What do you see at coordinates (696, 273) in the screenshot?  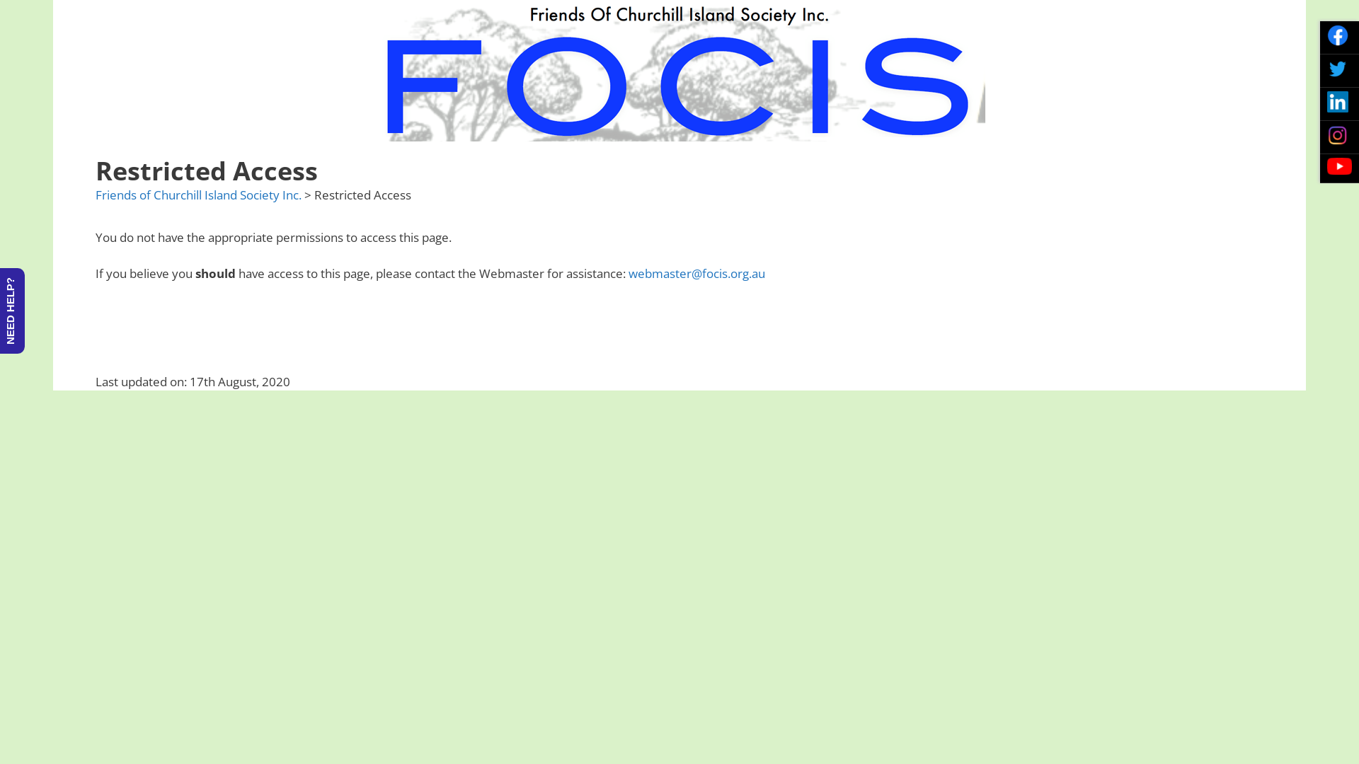 I see `'webmaster@focis.org.au'` at bounding box center [696, 273].